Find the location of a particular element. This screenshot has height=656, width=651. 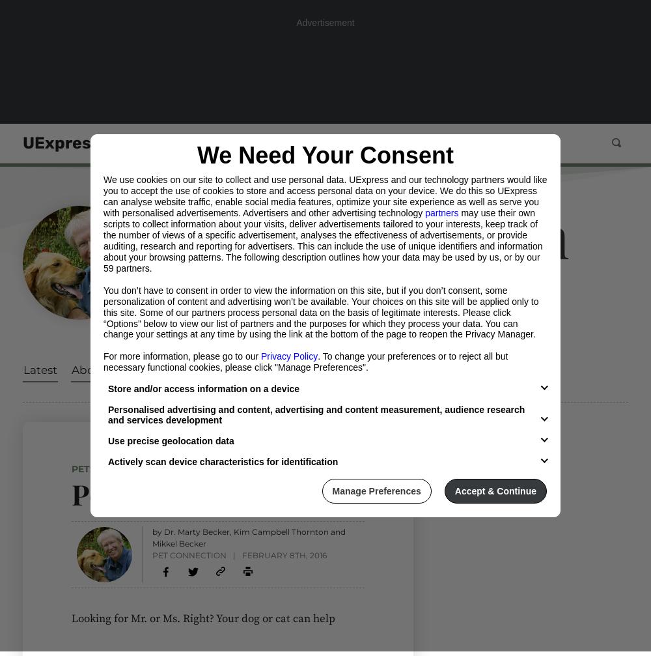

'February 8th, 2016' is located at coordinates (284, 554).